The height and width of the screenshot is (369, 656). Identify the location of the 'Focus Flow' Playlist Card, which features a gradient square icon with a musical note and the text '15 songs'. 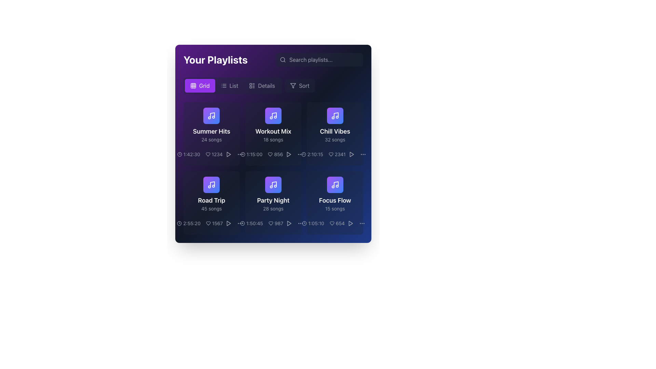
(335, 194).